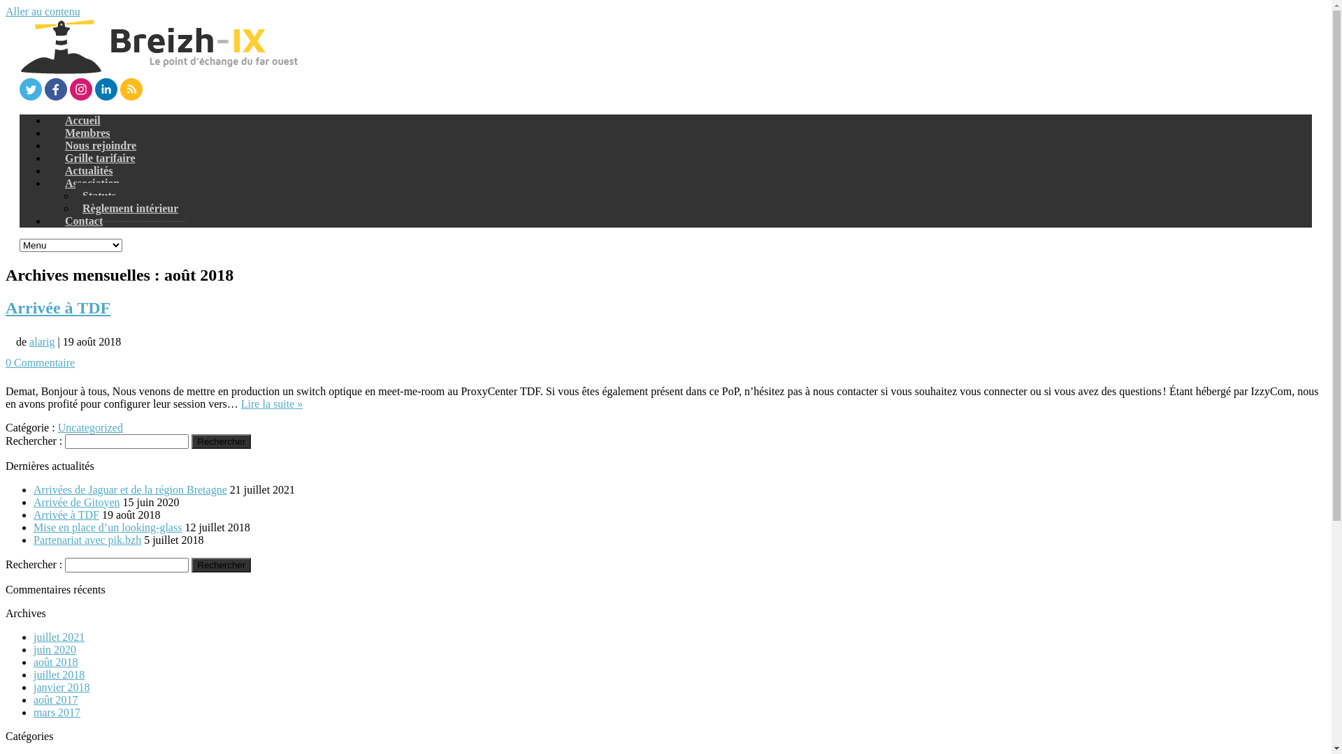  Describe the element at coordinates (100, 145) in the screenshot. I see `'Nous rejoindre'` at that location.